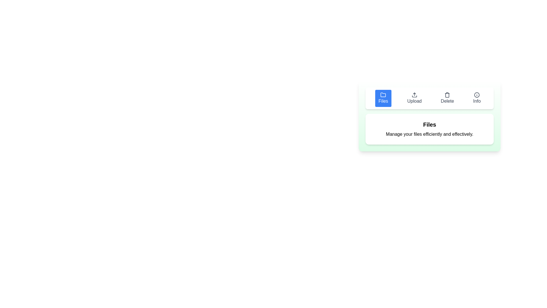 The image size is (547, 308). I want to click on the Info tab by clicking on it, so click(477, 98).